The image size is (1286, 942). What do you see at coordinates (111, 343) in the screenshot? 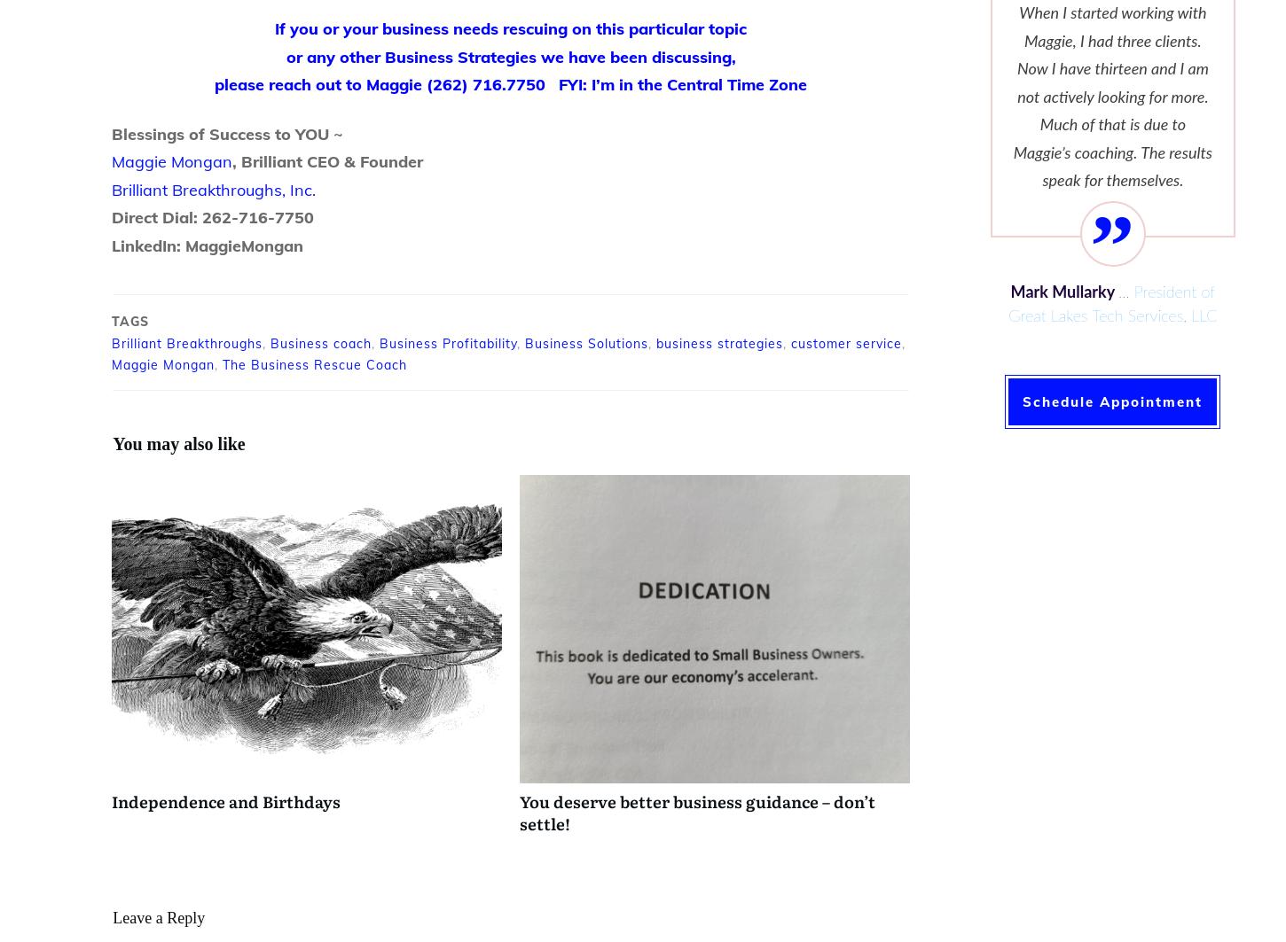
I see `'Brilliant Breakthroughs'` at bounding box center [111, 343].